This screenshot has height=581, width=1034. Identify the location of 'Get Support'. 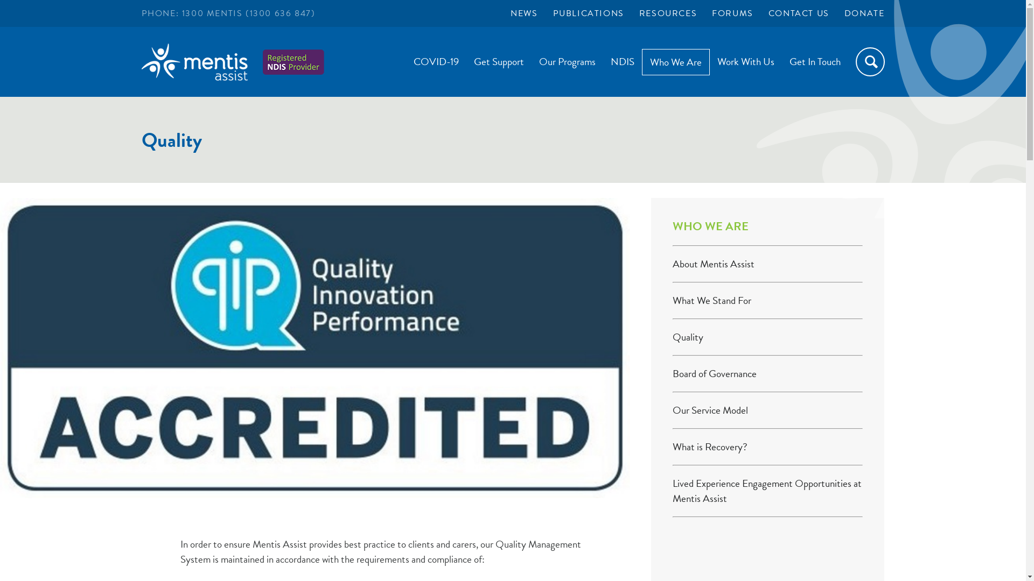
(466, 61).